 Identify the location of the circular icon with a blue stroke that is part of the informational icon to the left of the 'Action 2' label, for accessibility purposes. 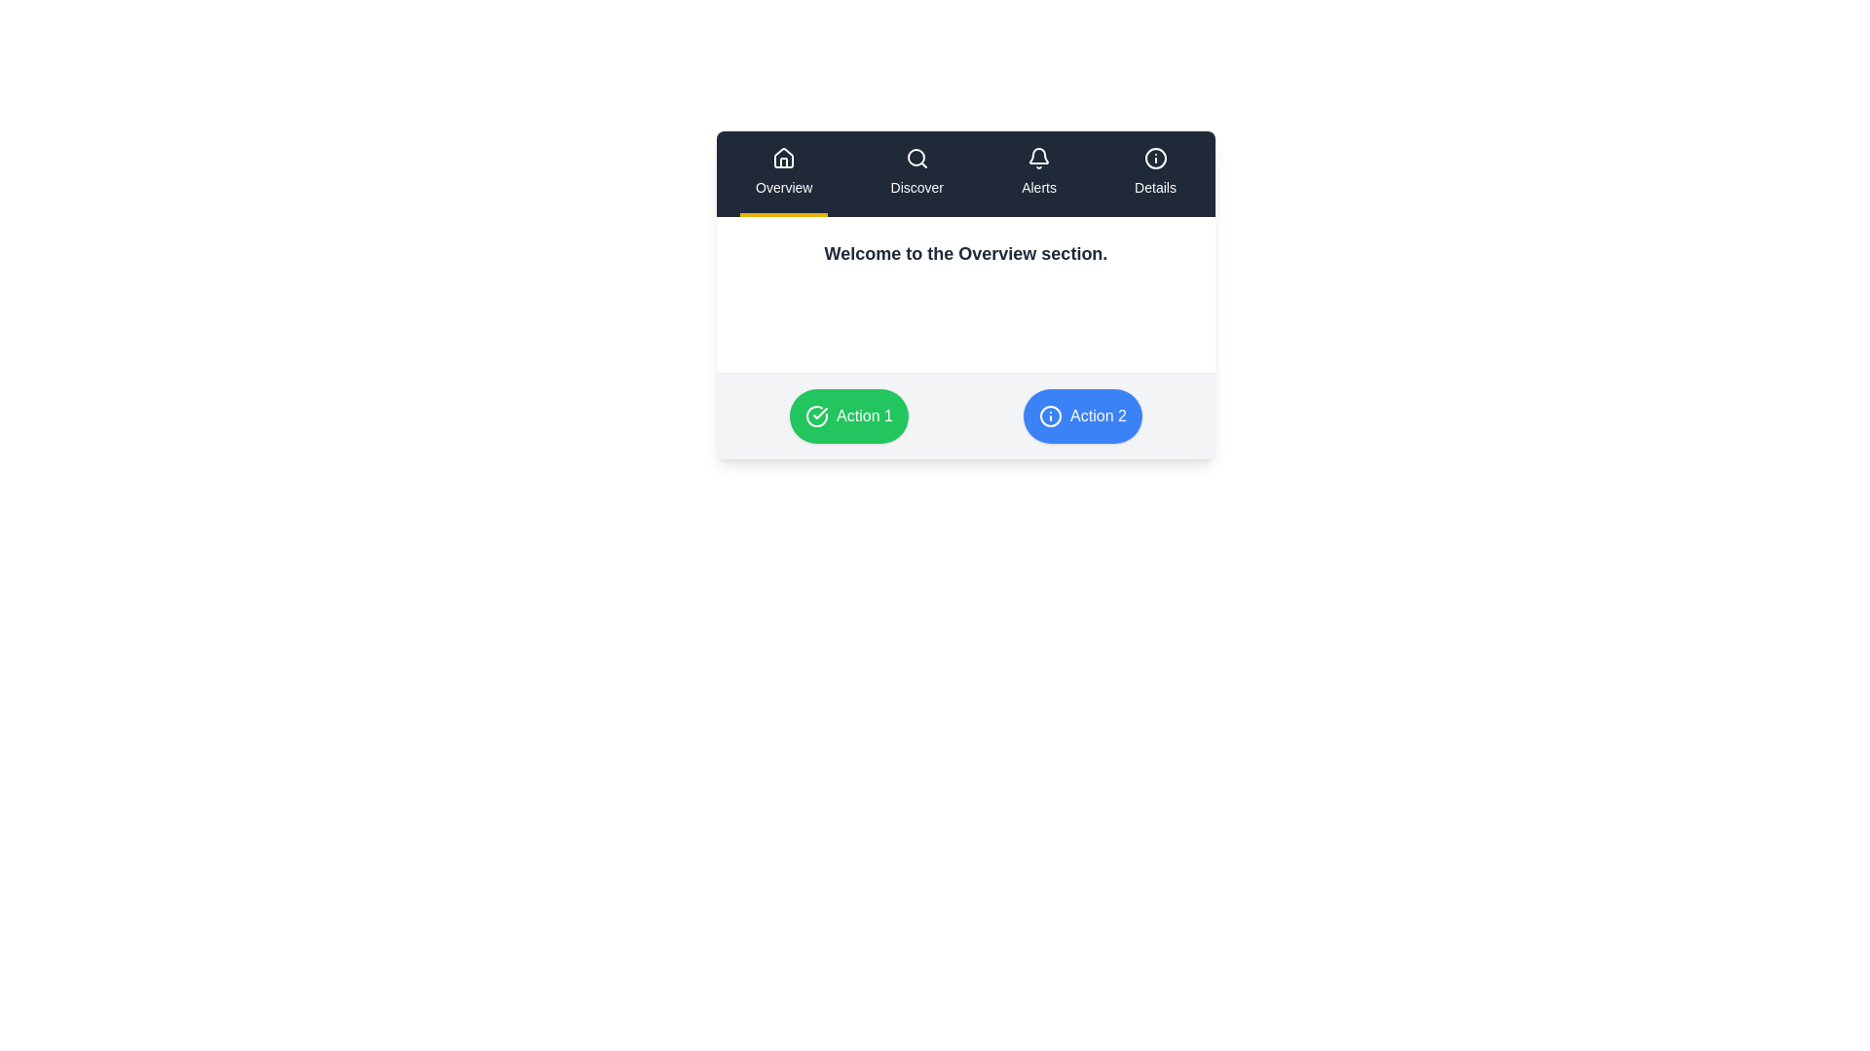
(1050, 416).